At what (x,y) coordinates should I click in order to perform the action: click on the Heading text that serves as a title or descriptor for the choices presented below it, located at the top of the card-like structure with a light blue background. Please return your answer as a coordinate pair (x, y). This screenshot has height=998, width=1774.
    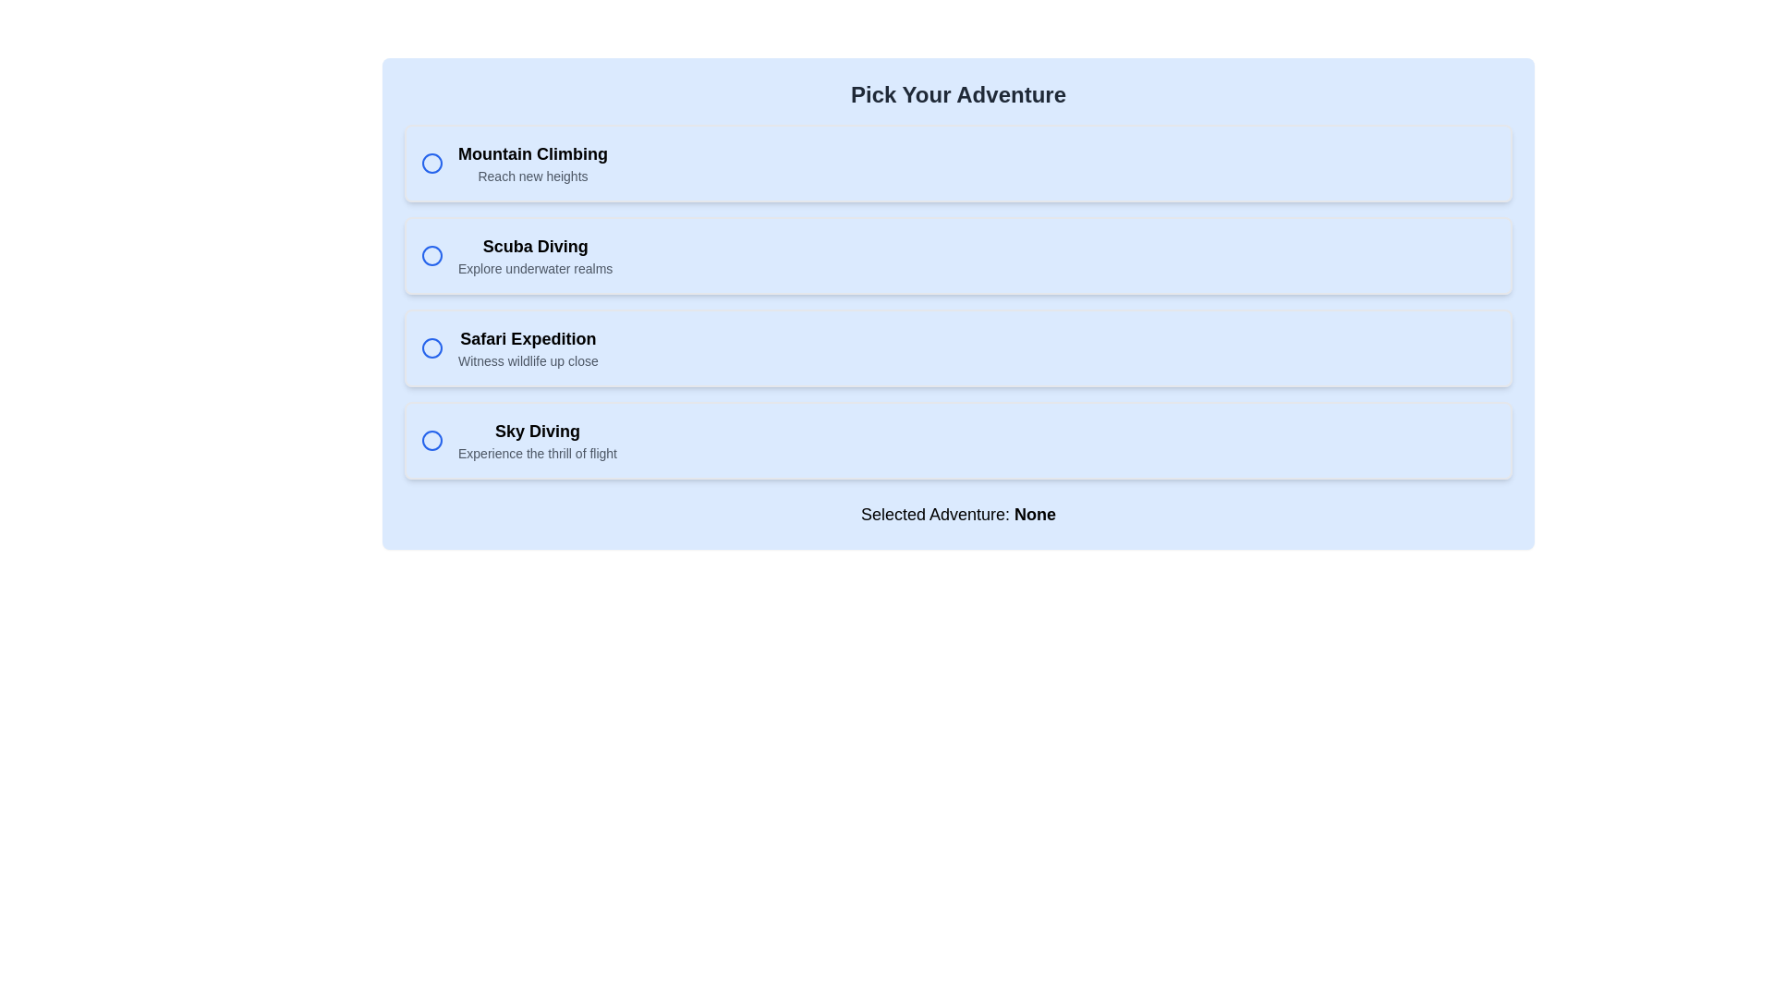
    Looking at the image, I should click on (958, 95).